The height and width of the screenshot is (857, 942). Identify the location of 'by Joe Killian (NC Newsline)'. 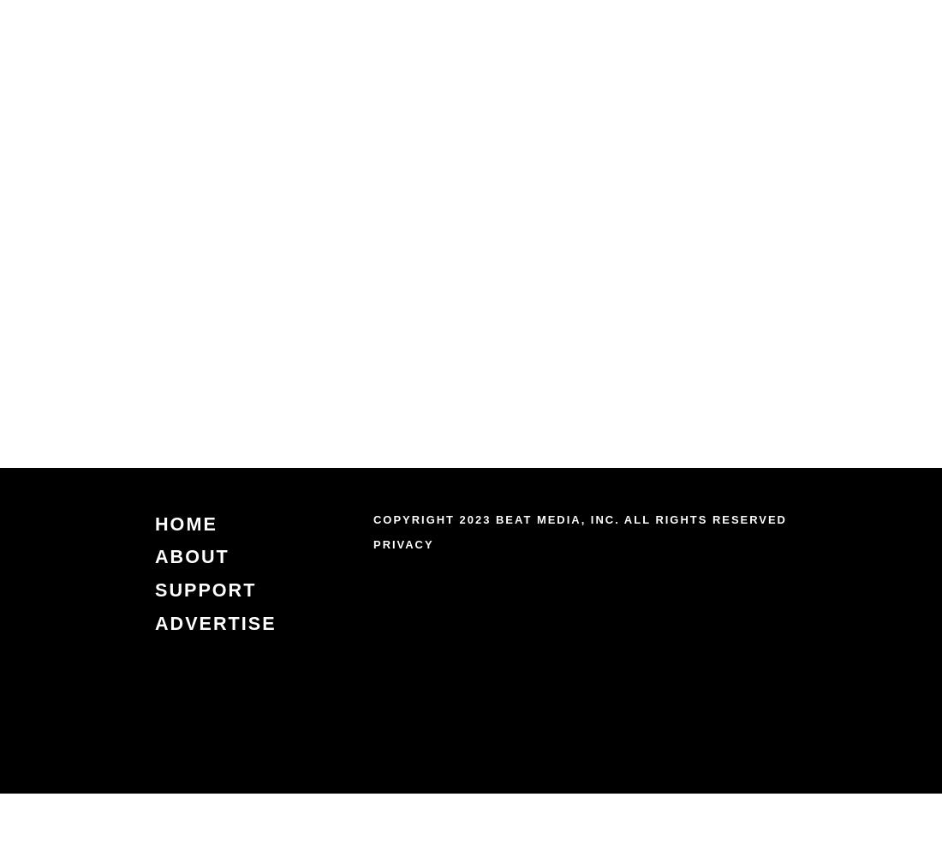
(417, 375).